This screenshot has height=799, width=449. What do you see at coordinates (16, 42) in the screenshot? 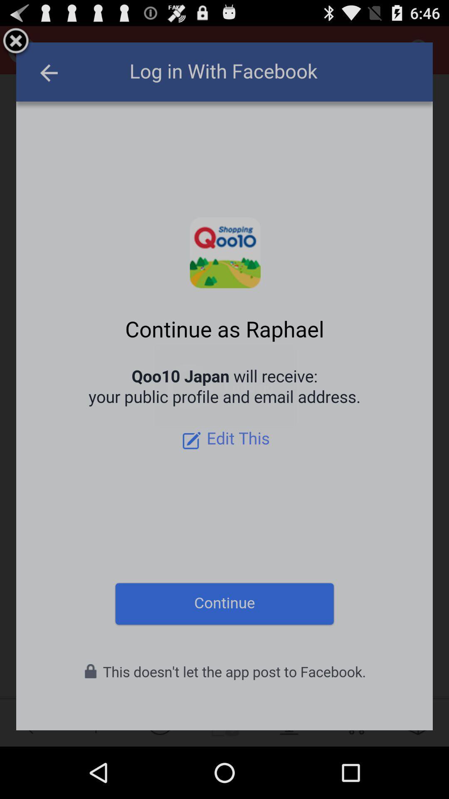
I see `the icon at the top left corner` at bounding box center [16, 42].